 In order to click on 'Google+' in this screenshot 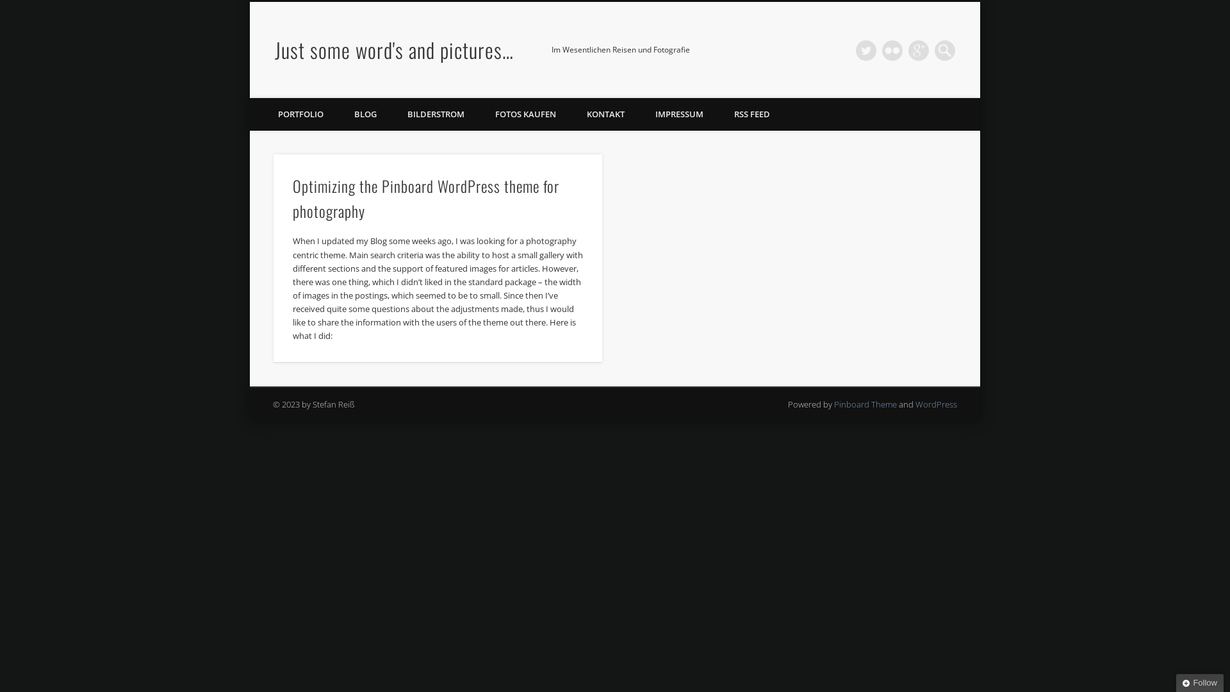, I will do `click(918, 49)`.